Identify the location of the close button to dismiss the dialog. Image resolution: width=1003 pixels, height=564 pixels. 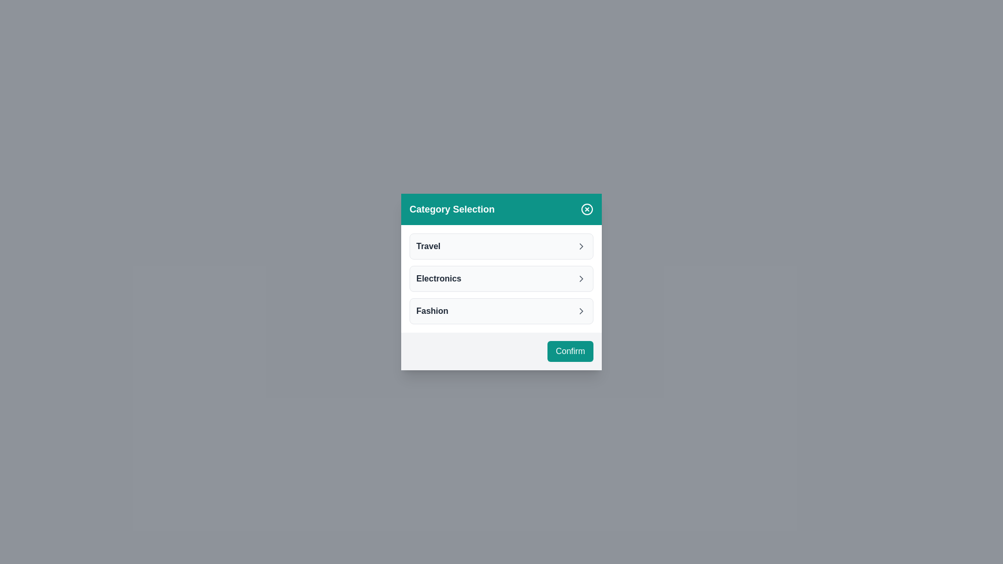
(587, 209).